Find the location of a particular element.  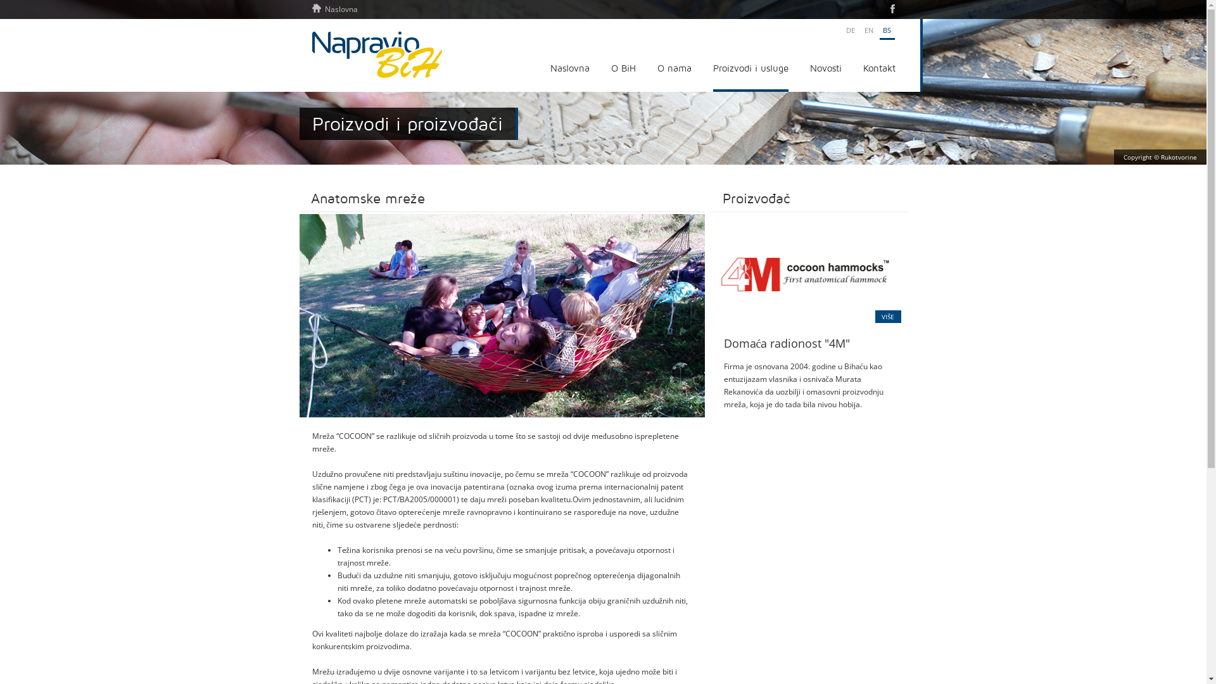

'Proizvodi i usluge' is located at coordinates (713, 70).